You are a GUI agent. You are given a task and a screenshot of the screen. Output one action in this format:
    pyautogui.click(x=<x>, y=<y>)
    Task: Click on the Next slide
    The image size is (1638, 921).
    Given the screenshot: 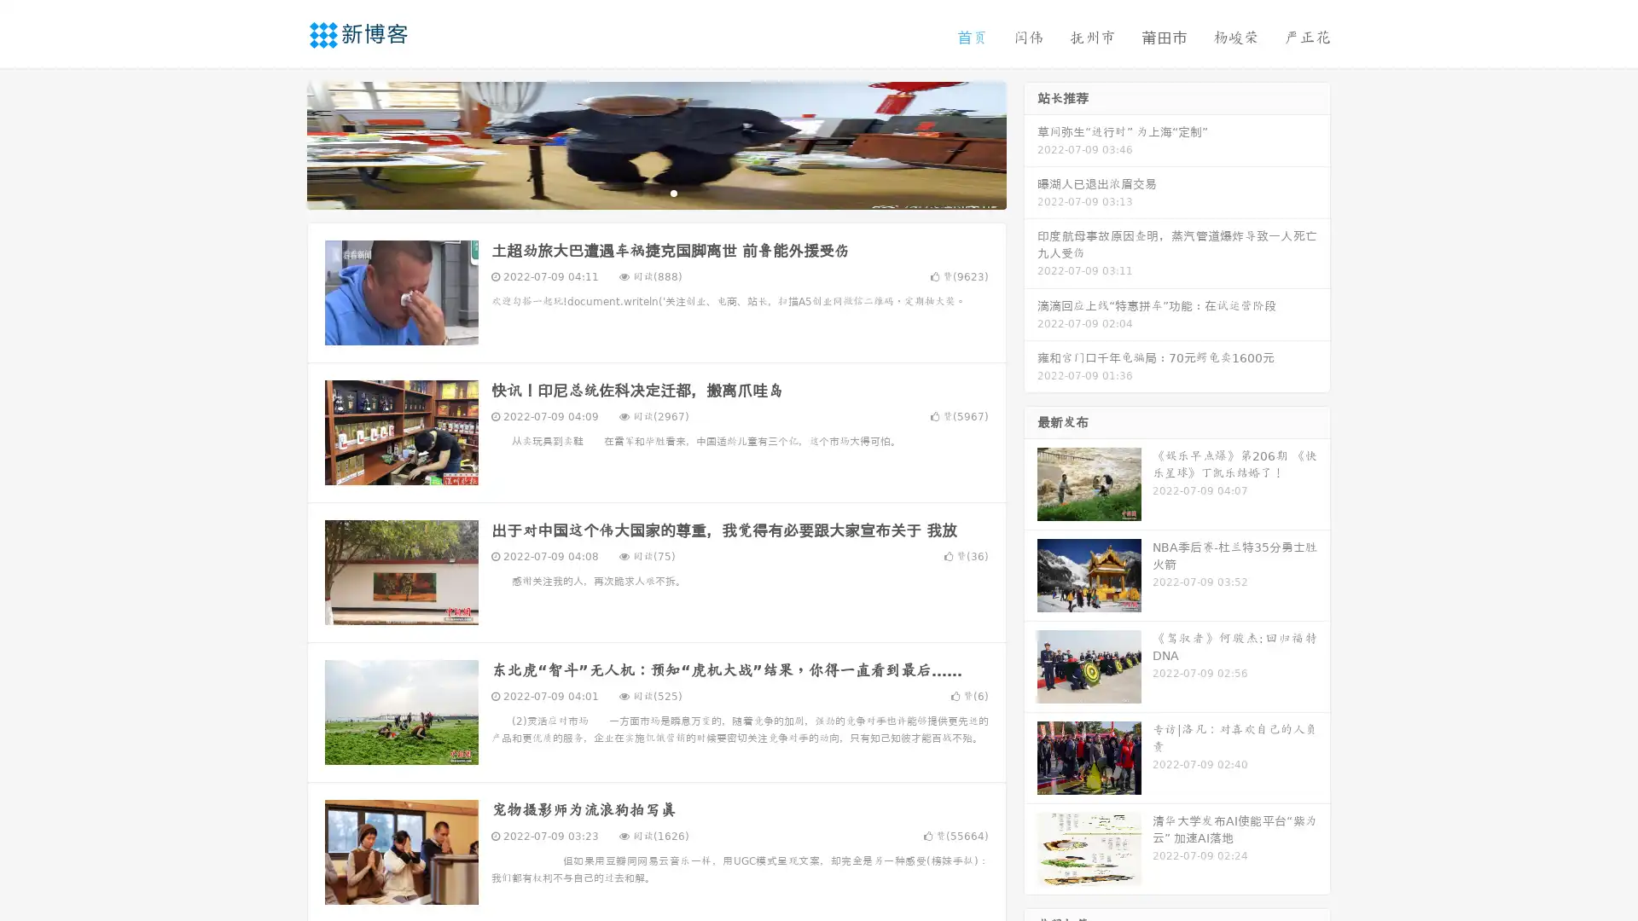 What is the action you would take?
    pyautogui.click(x=1031, y=143)
    